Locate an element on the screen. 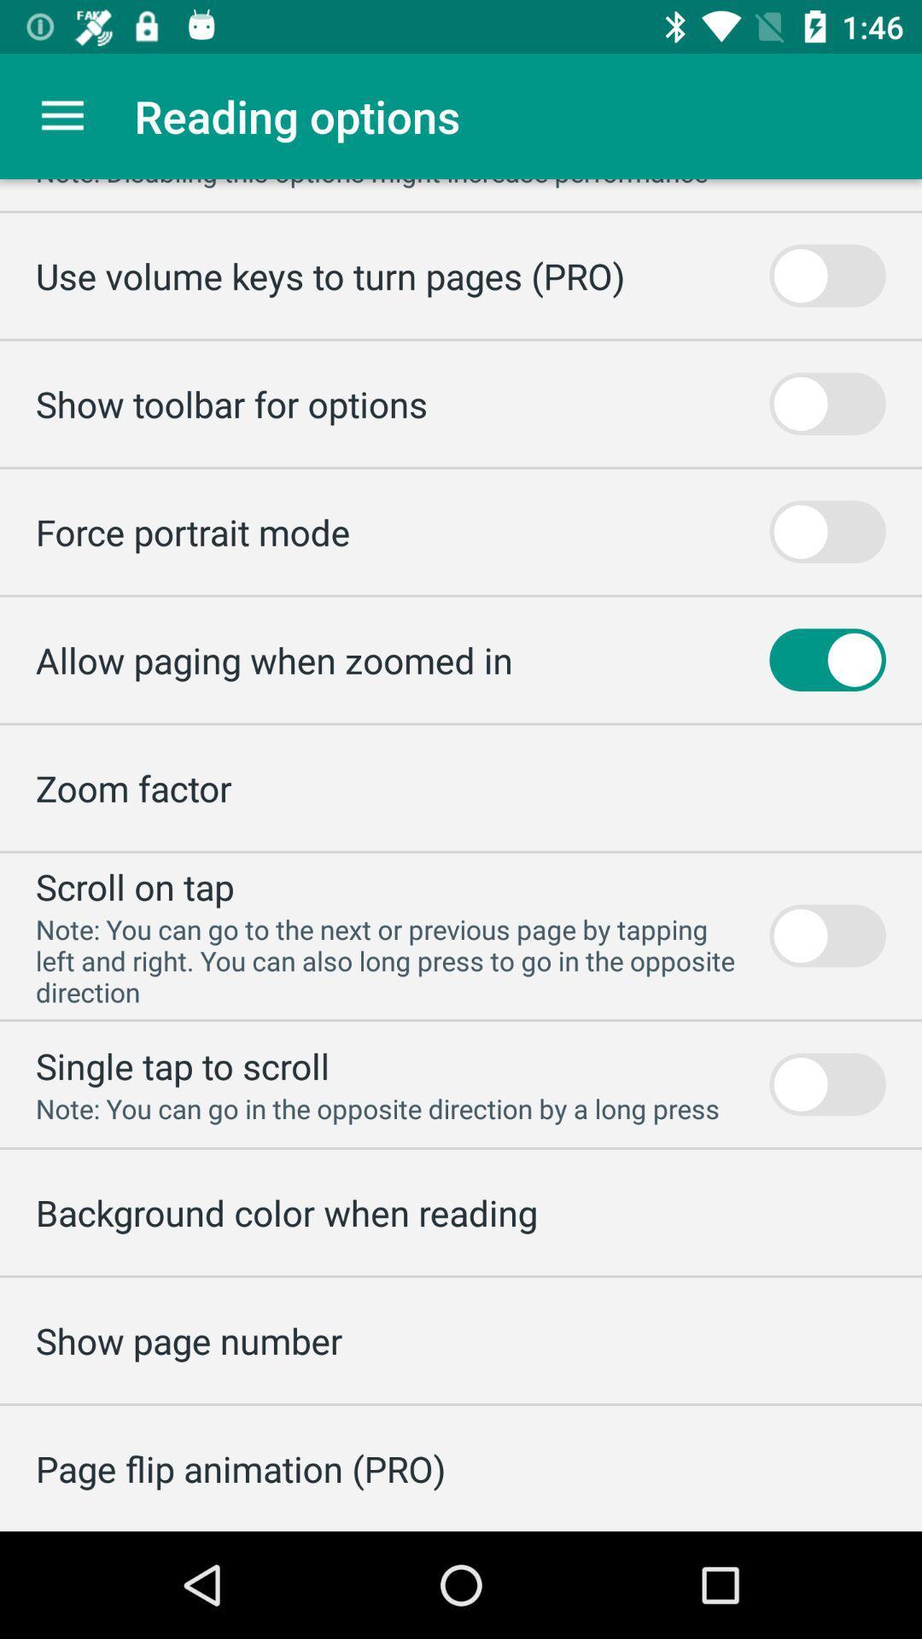  icon above scroll on tap item is located at coordinates (132, 787).